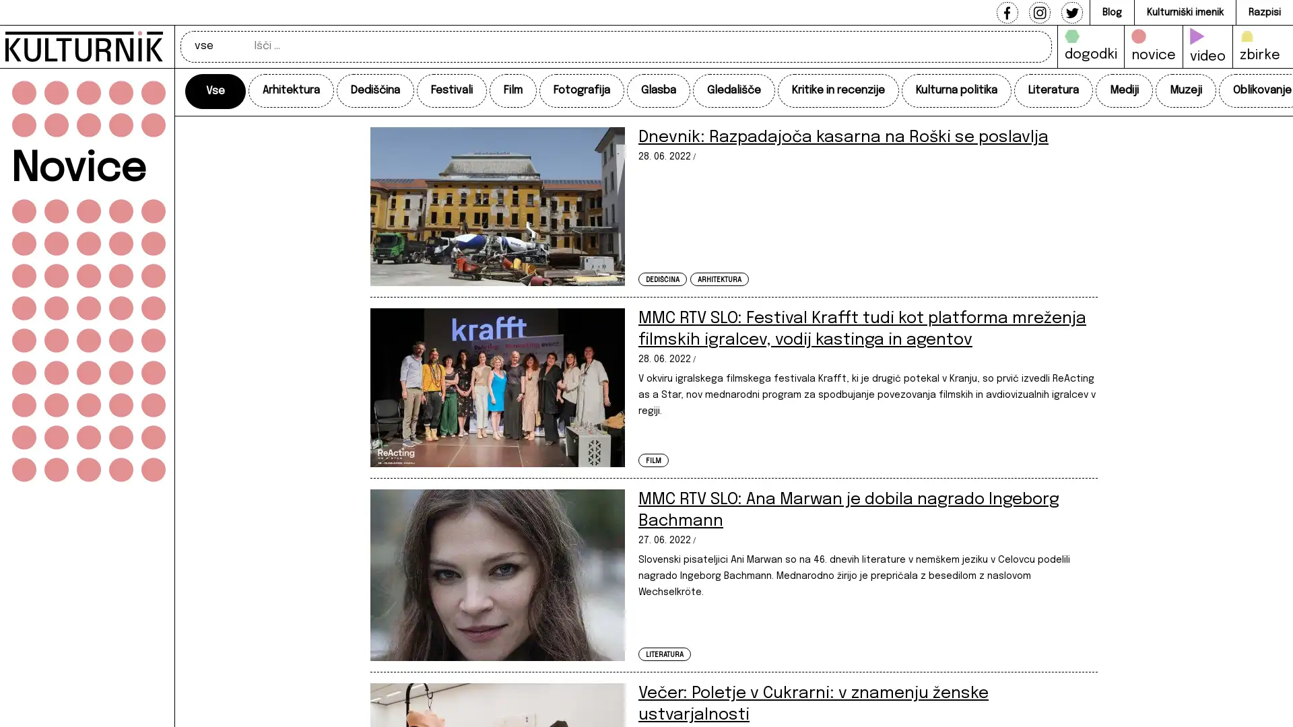  Describe the element at coordinates (215, 91) in the screenshot. I see `Vse` at that location.